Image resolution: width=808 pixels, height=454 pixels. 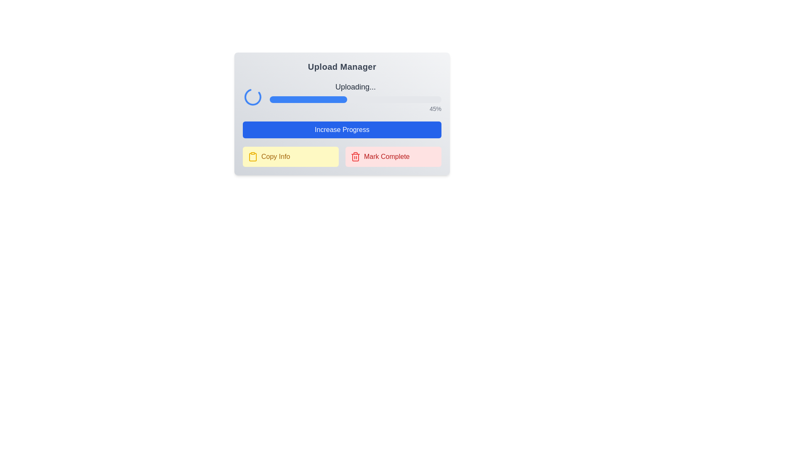 What do you see at coordinates (355, 87) in the screenshot?
I see `the status indicator Text Label that communicates the upload operation in progress, located above the progress bar and percentage text '45%'` at bounding box center [355, 87].